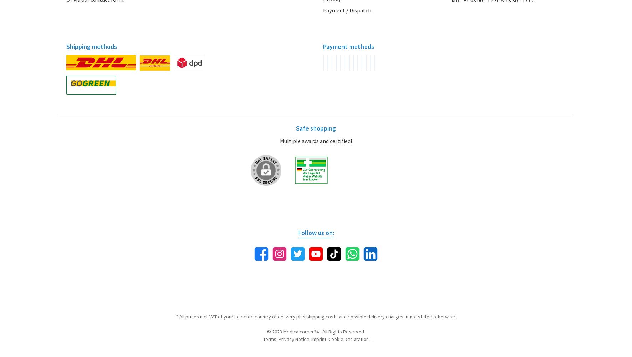 This screenshot has width=632, height=357. What do you see at coordinates (318, 338) in the screenshot?
I see `'Imprint'` at bounding box center [318, 338].